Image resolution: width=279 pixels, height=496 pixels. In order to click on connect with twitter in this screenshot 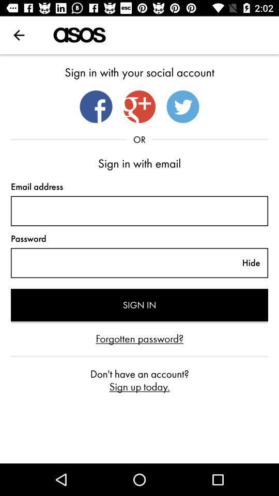, I will do `click(182, 106)`.